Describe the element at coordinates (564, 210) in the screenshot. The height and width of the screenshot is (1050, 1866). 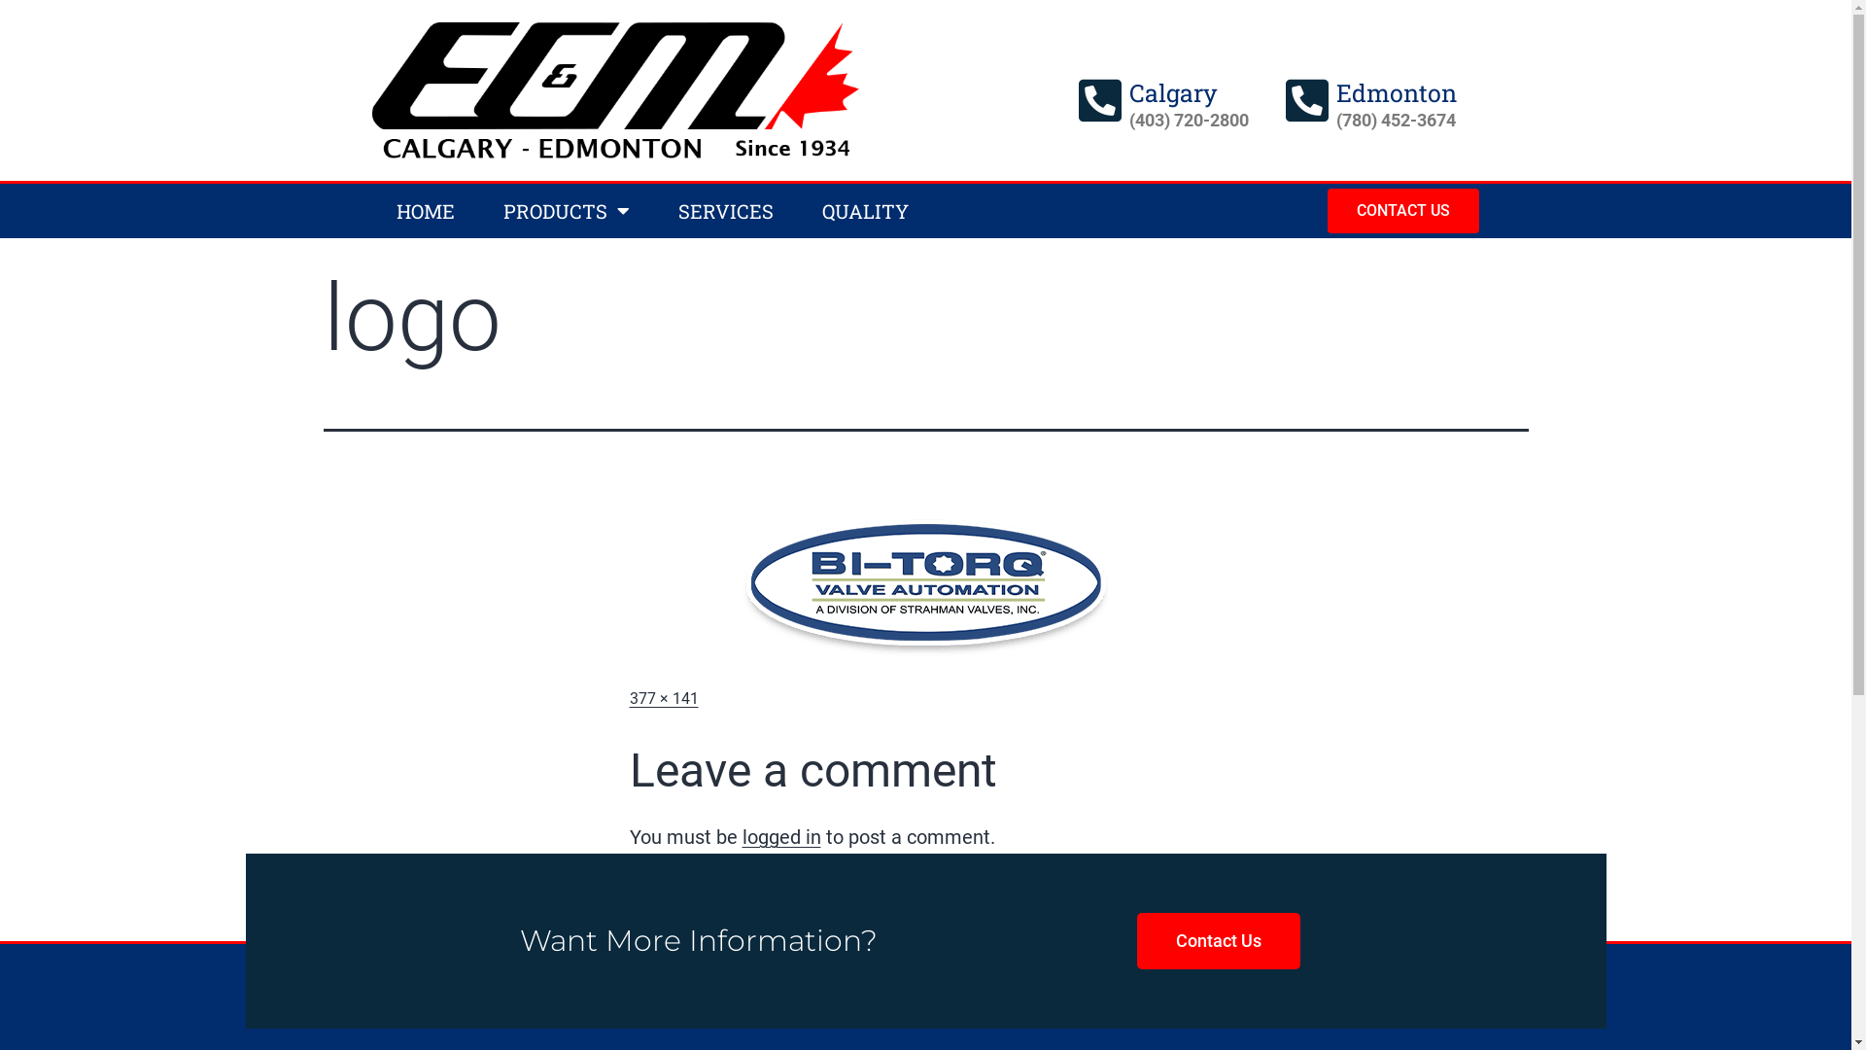
I see `'PRODUCTS'` at that location.